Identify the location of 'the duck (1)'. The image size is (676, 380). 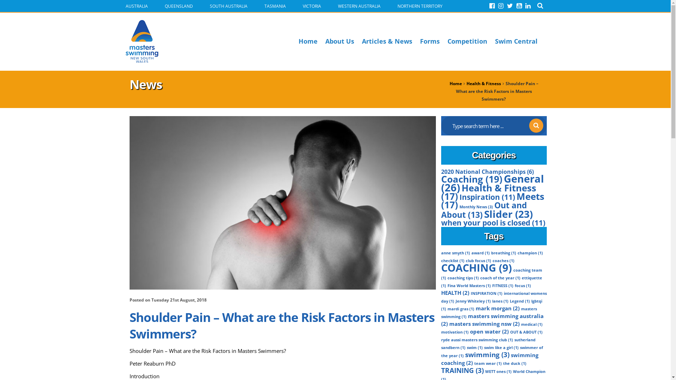
(514, 363).